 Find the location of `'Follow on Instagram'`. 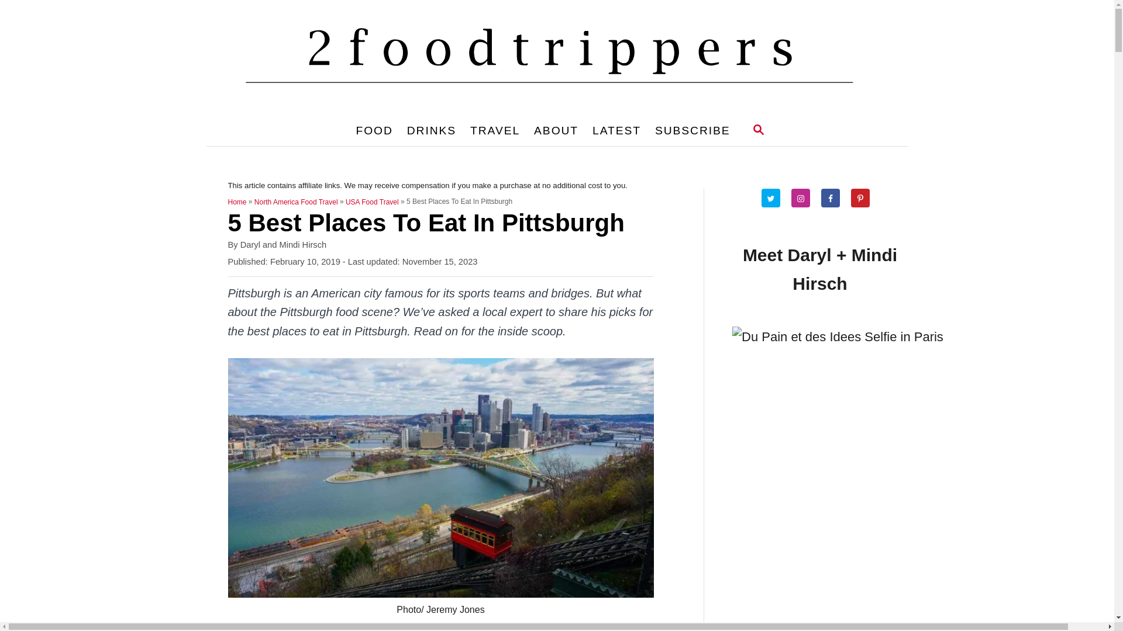

'Follow on Instagram' is located at coordinates (804, 197).